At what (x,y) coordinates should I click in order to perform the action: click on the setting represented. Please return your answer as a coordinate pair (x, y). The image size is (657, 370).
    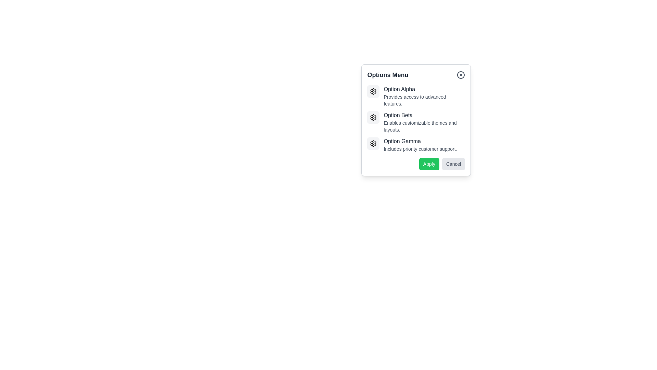
    Looking at the image, I should click on (373, 117).